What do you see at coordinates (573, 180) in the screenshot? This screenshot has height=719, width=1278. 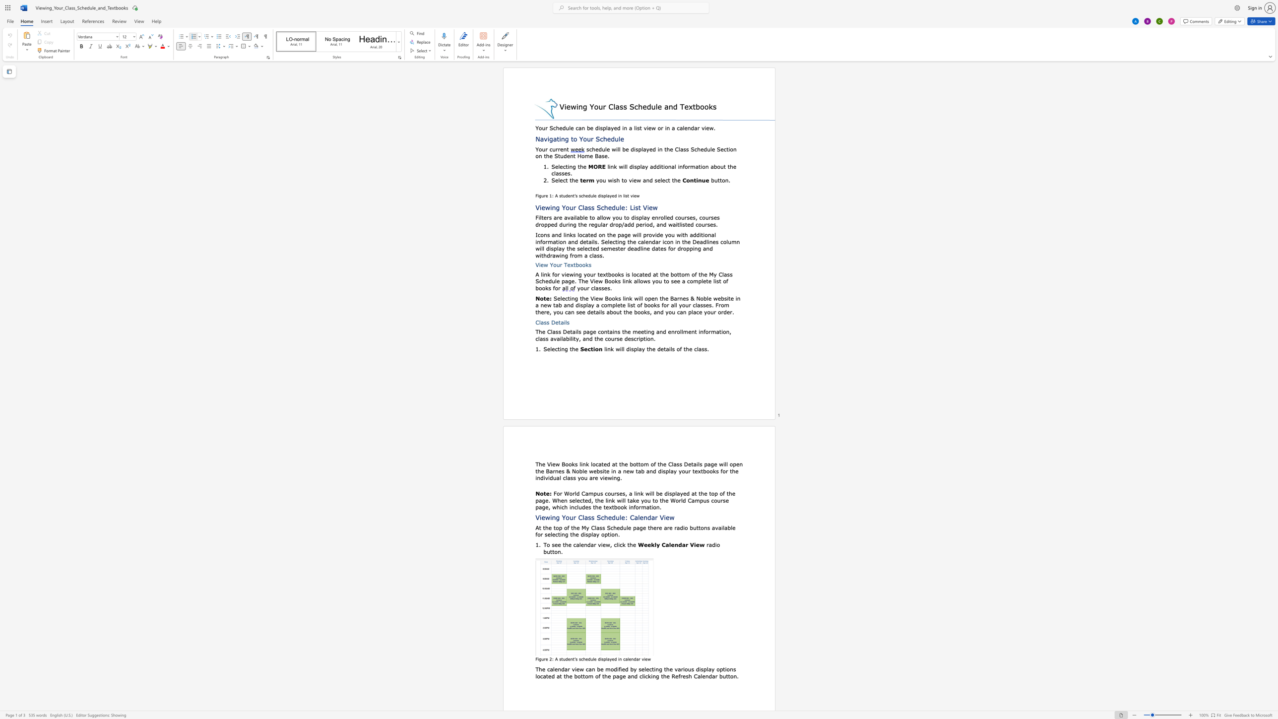 I see `the 1th character "h" in the text` at bounding box center [573, 180].